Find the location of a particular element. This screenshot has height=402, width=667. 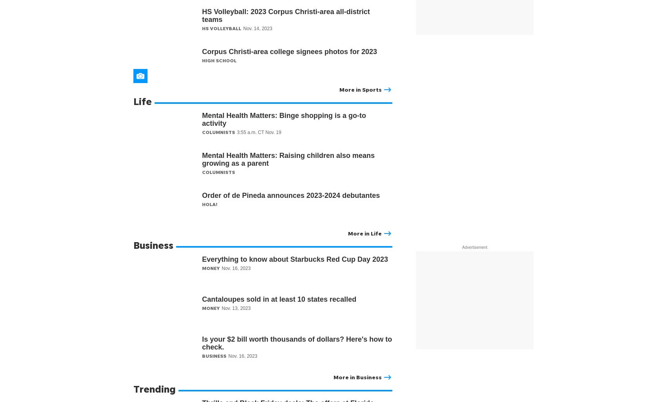

'Cantaloupes sold in at least 10 states recalled' is located at coordinates (280, 299).